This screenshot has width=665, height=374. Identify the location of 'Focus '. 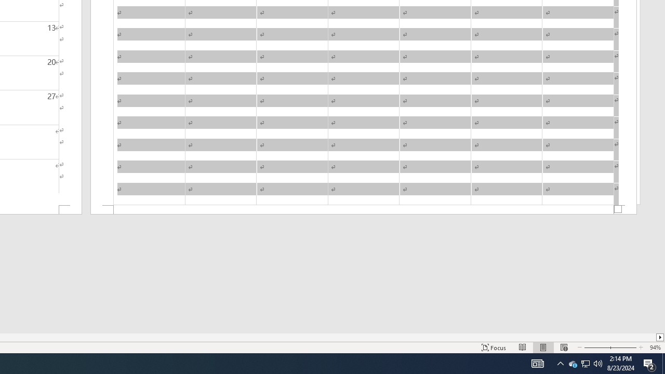
(494, 348).